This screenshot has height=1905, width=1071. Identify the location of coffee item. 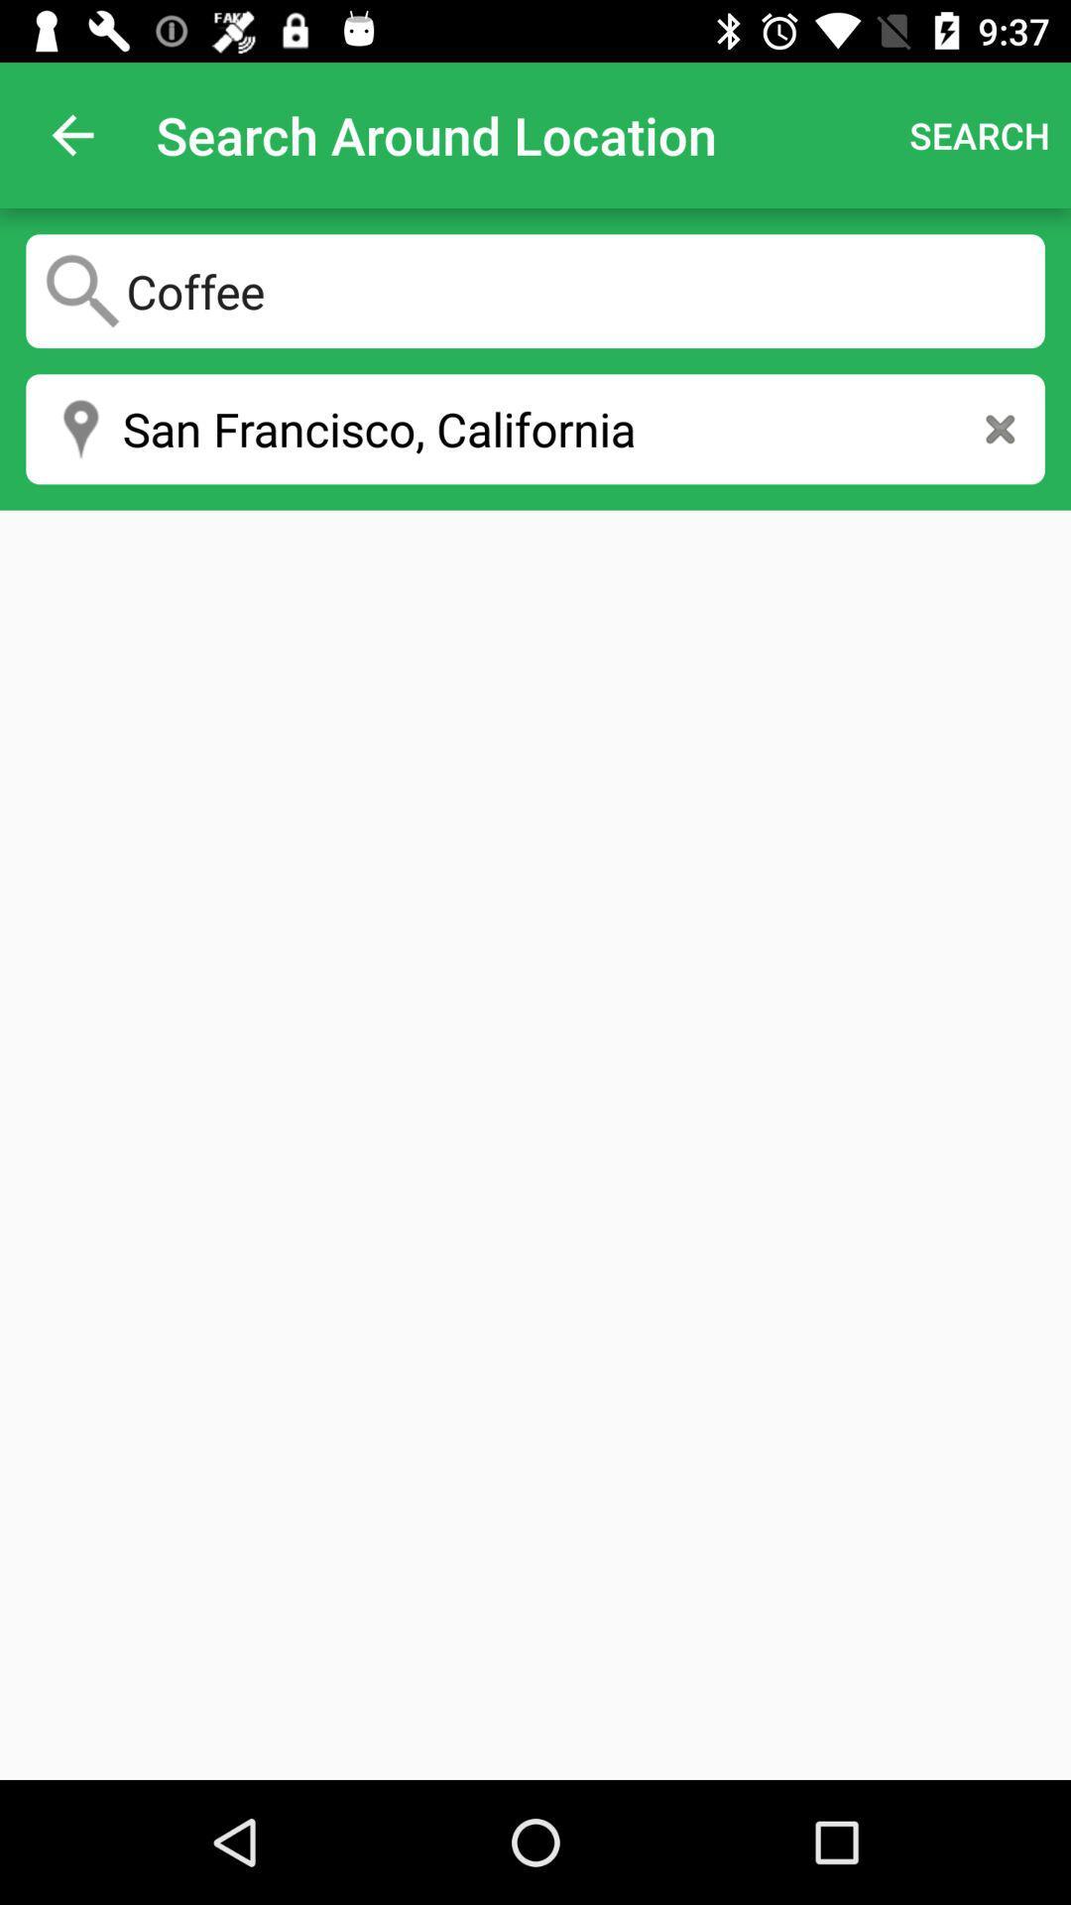
(535, 290).